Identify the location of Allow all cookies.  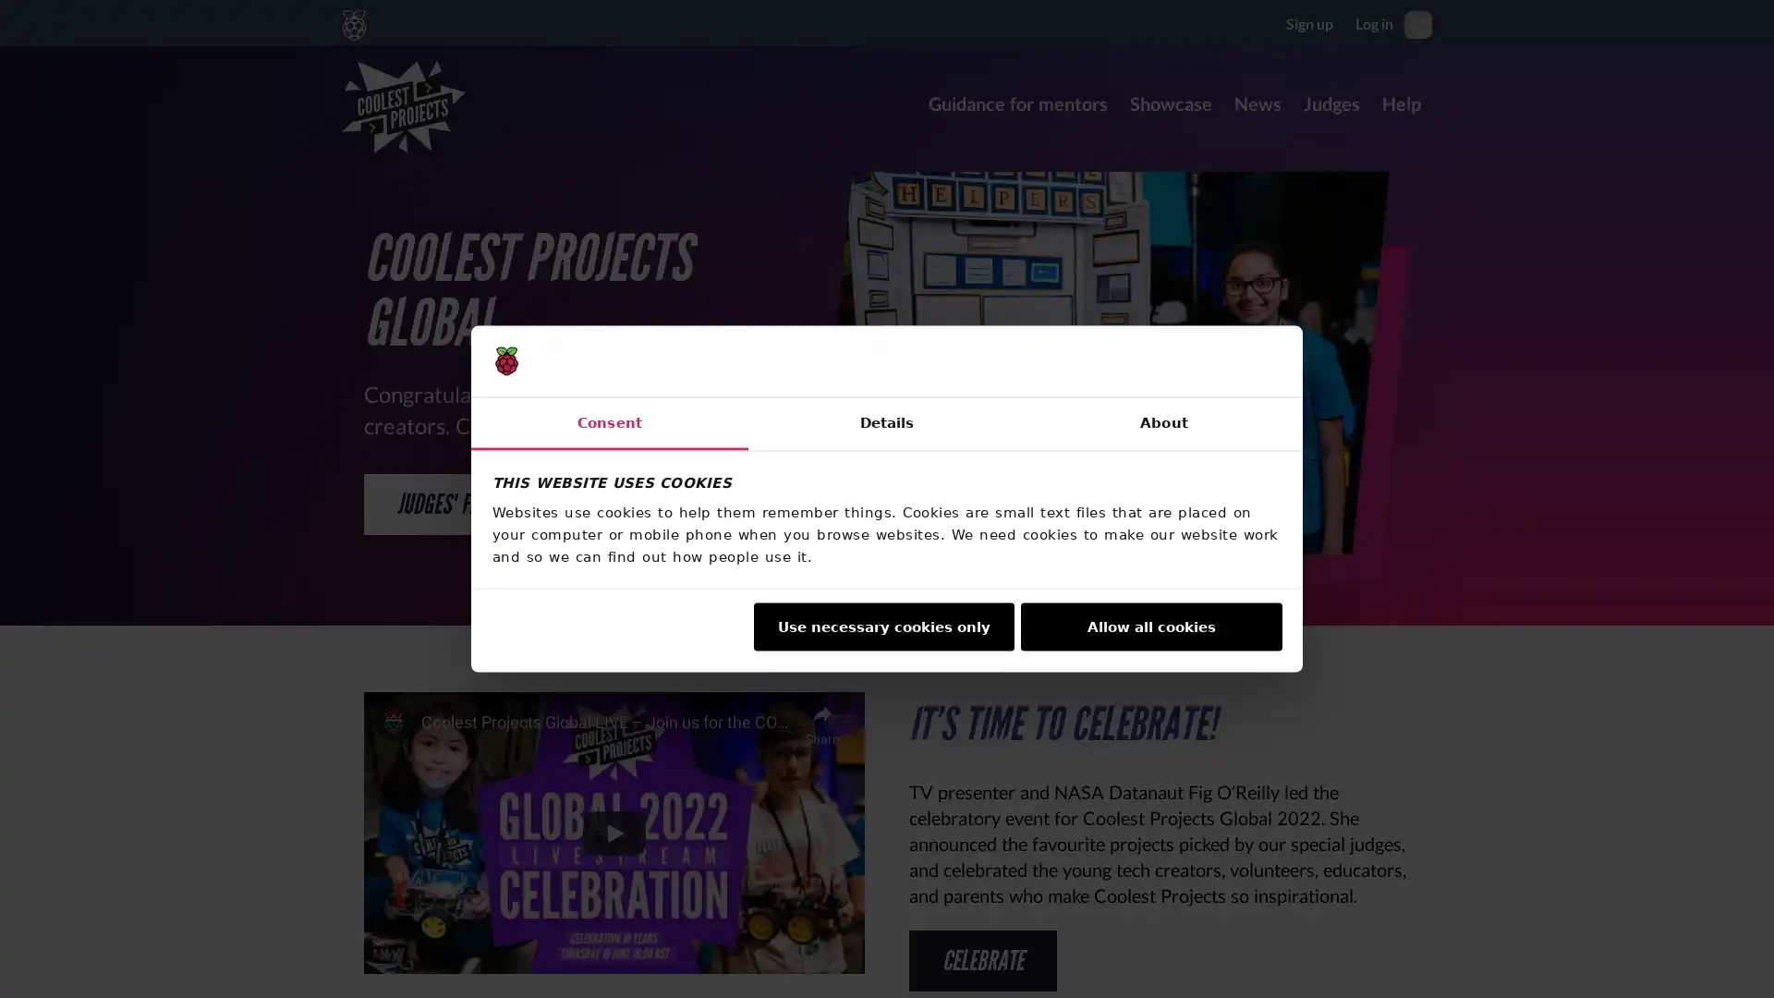
(1150, 626).